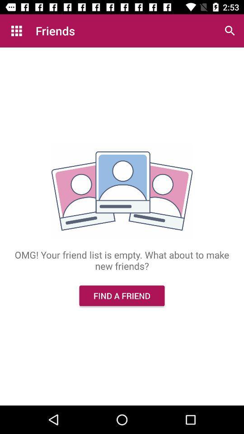 The width and height of the screenshot is (244, 434). I want to click on the item next to the friends icon, so click(230, 31).